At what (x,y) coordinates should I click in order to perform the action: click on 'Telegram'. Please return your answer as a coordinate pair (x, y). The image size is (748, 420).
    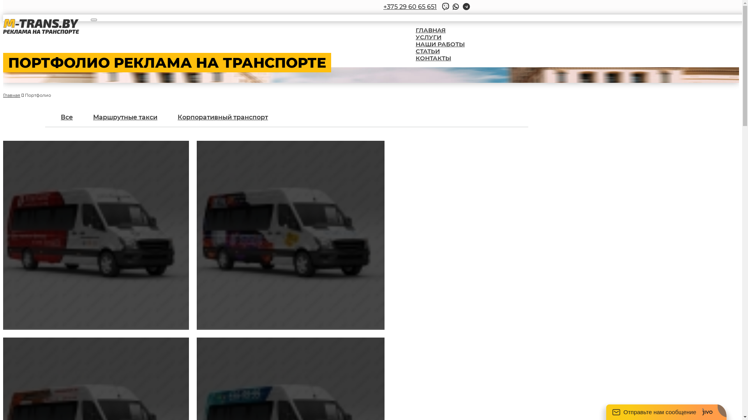
    Looking at the image, I should click on (466, 7).